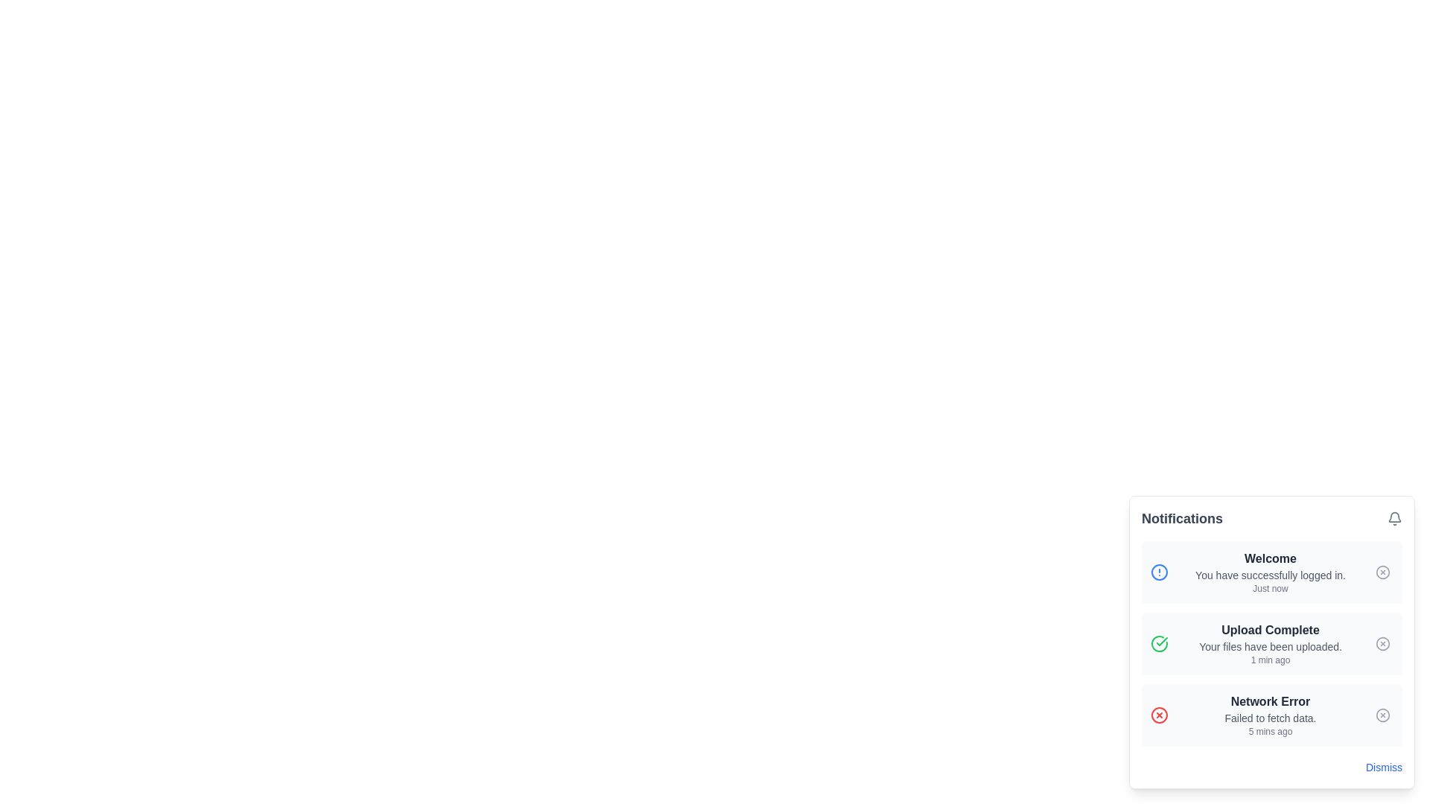 The width and height of the screenshot is (1430, 804). I want to click on the informational icon located to the left of the text 'Welcome' in the first notification item indicating a successful login, so click(1158, 571).